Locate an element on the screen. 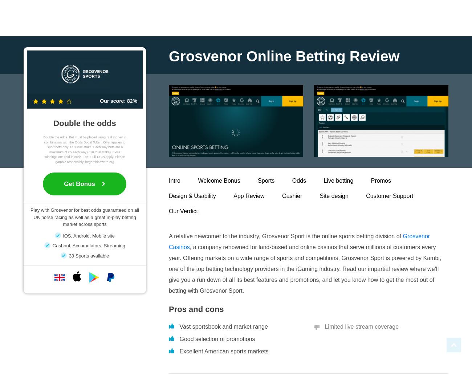 This screenshot has width=472, height=377. 'Intro' is located at coordinates (174, 181).